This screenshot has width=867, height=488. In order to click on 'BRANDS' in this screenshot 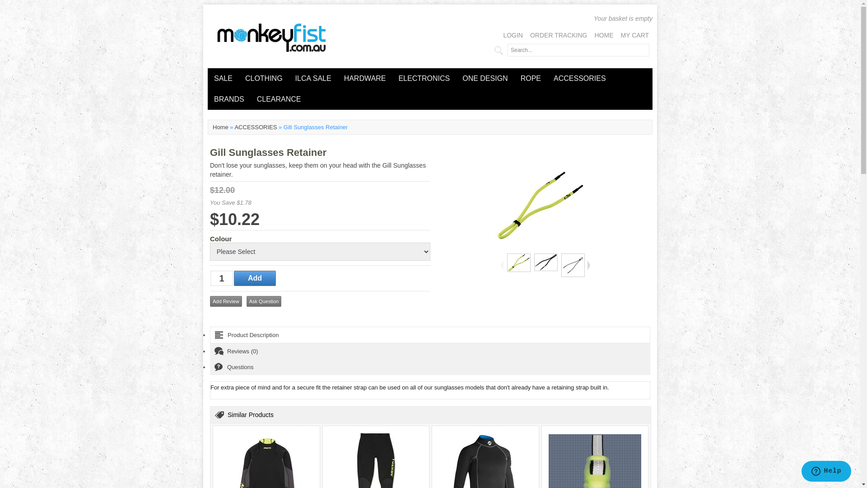, I will do `click(229, 99)`.